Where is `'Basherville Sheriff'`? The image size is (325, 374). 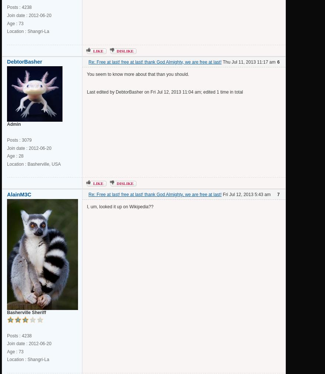 'Basherville Sheriff' is located at coordinates (26, 311).